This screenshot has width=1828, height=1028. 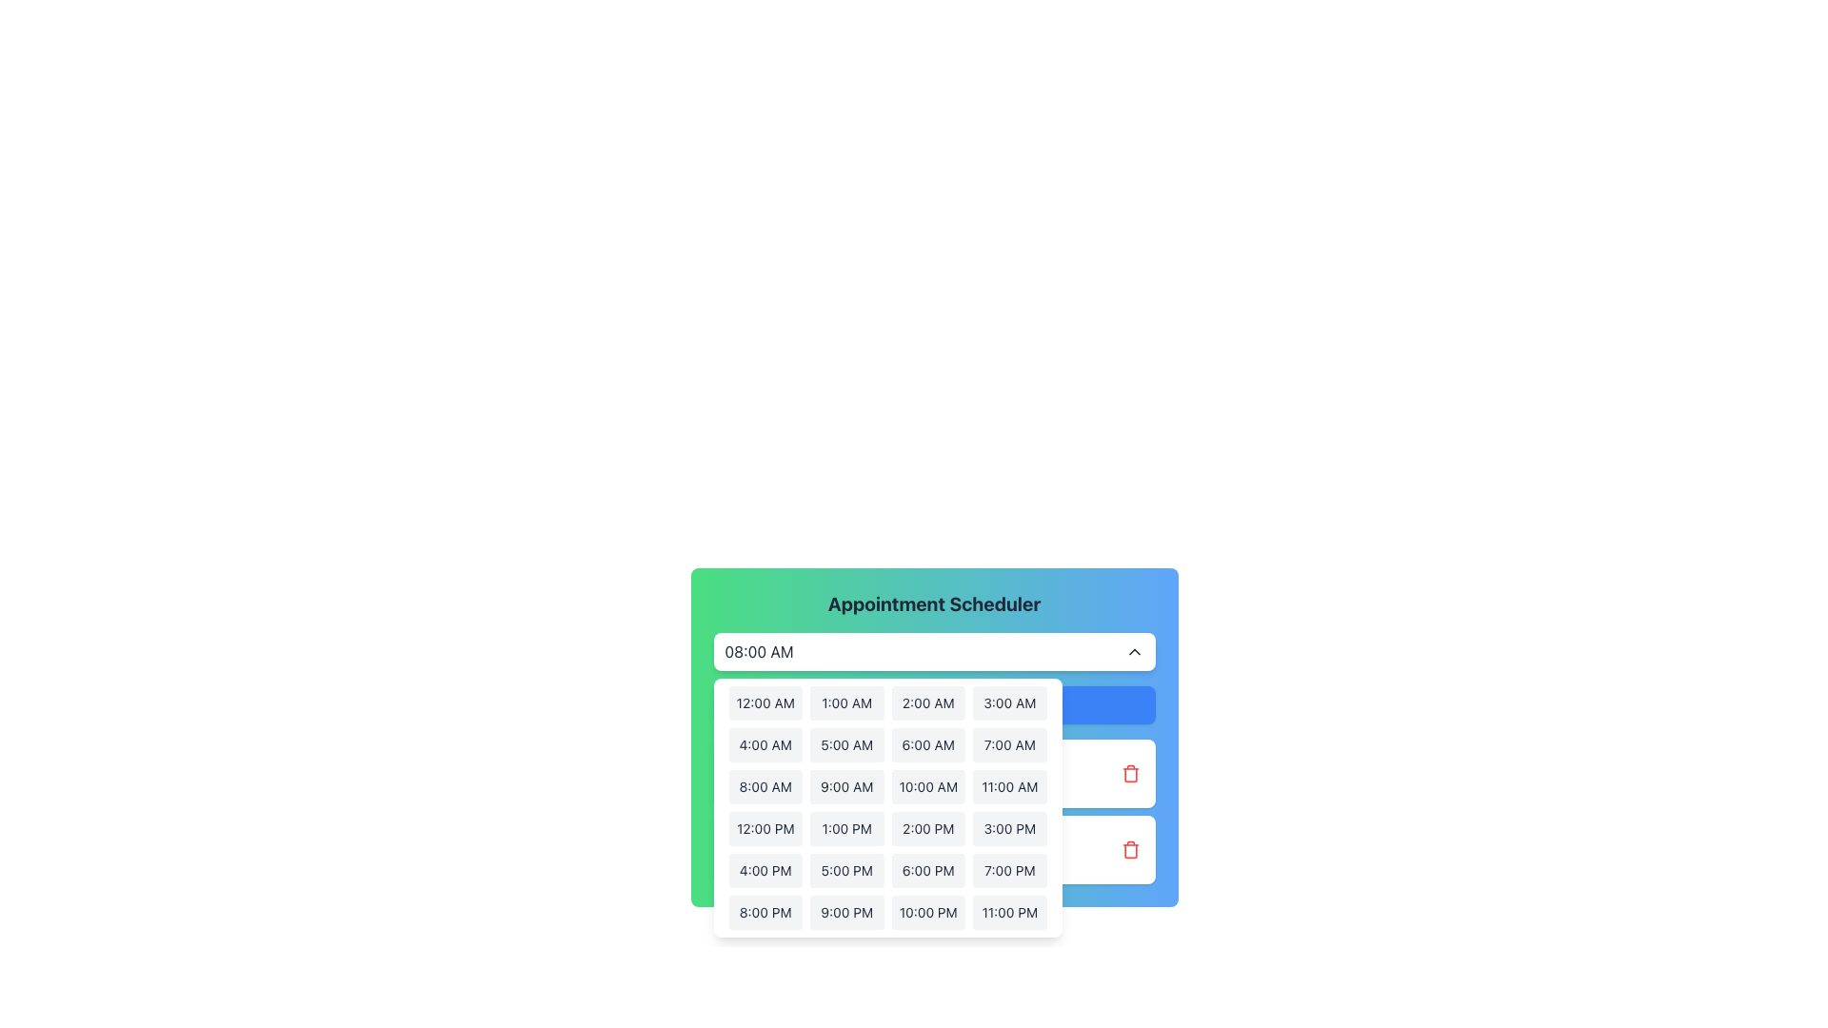 What do you see at coordinates (1008, 912) in the screenshot?
I see `the selectable time option button for 11:00 PM in the Appointment Scheduler section` at bounding box center [1008, 912].